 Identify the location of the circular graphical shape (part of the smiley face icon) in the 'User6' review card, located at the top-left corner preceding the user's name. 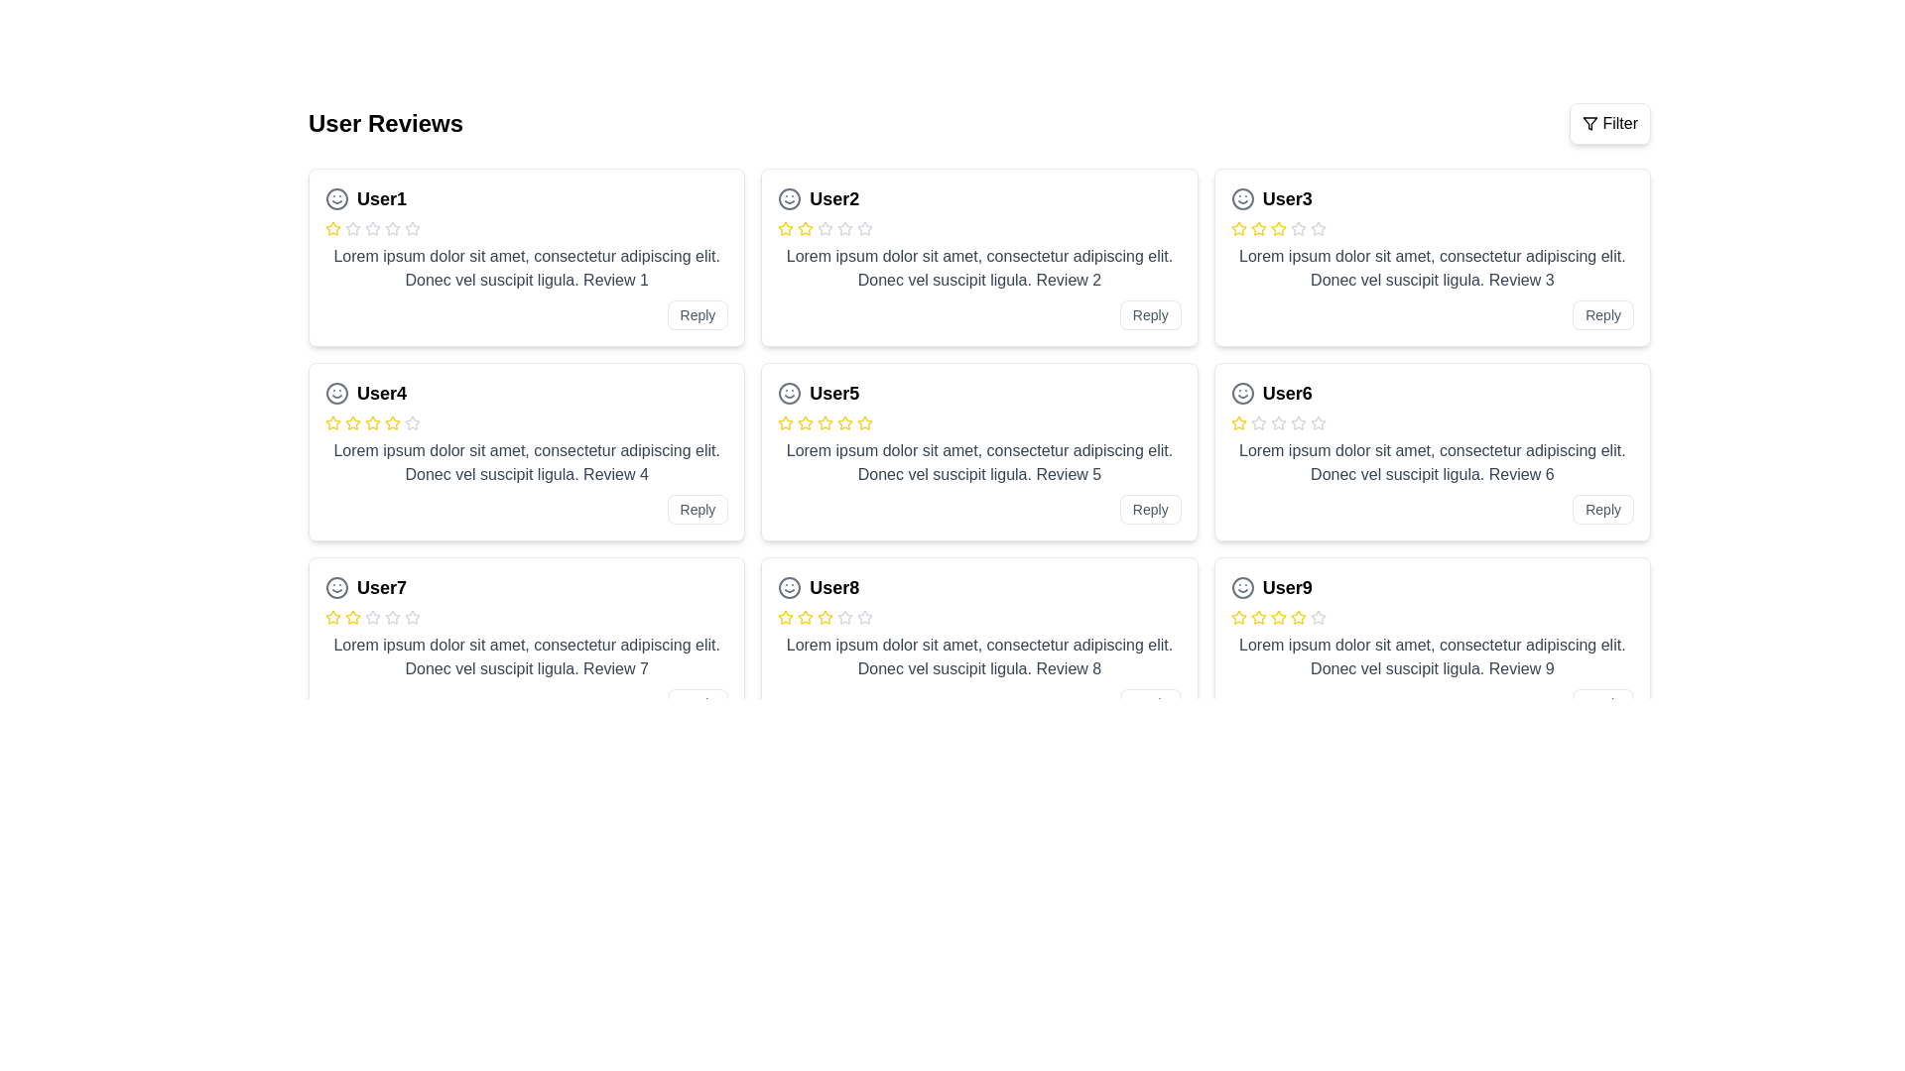
(1241, 394).